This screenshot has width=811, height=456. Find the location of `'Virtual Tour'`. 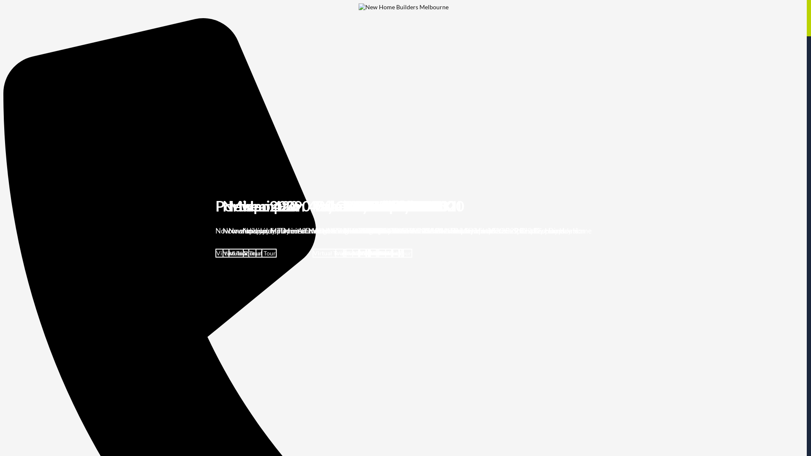

'Virtual Tour' is located at coordinates (359, 252).